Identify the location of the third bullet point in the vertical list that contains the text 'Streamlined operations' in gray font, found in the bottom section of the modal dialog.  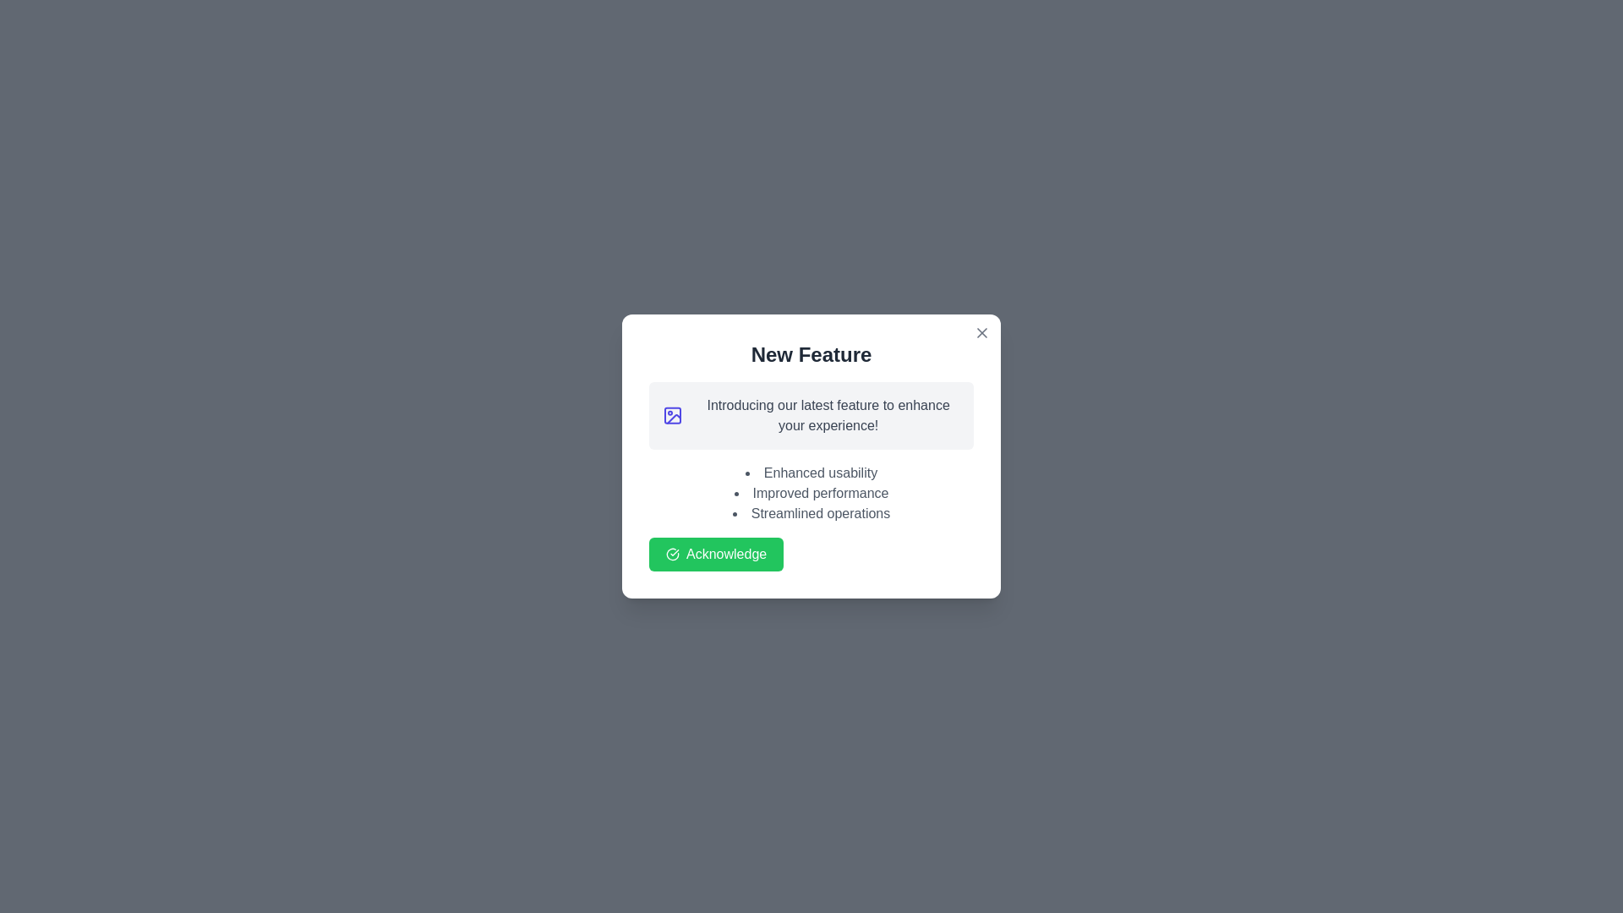
(811, 513).